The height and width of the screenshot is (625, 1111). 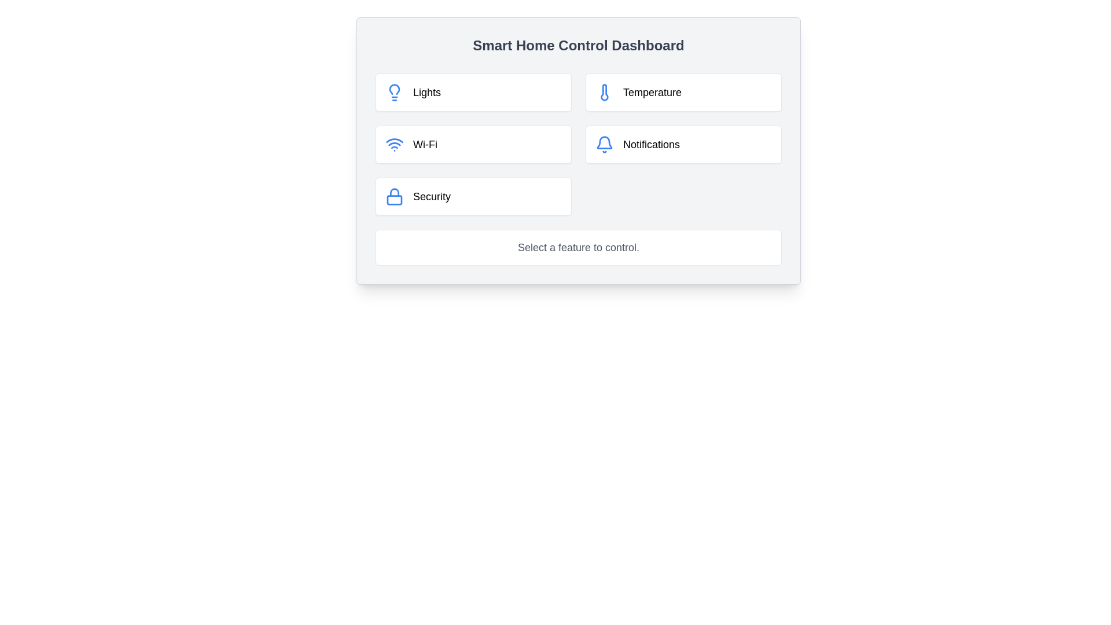 I want to click on the blue Wi-Fi icon located on the left side of the 'Wi-Fi' card in the dashboard, which is styled with a clean, modern design and features concentric arcs above a circular dot, so click(x=394, y=144).